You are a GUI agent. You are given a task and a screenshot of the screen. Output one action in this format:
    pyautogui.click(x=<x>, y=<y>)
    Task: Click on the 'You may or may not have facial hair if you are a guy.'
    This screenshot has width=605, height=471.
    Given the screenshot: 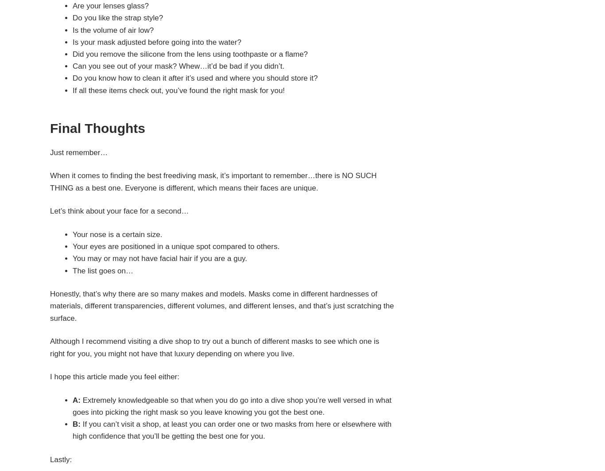 What is the action you would take?
    pyautogui.click(x=159, y=258)
    